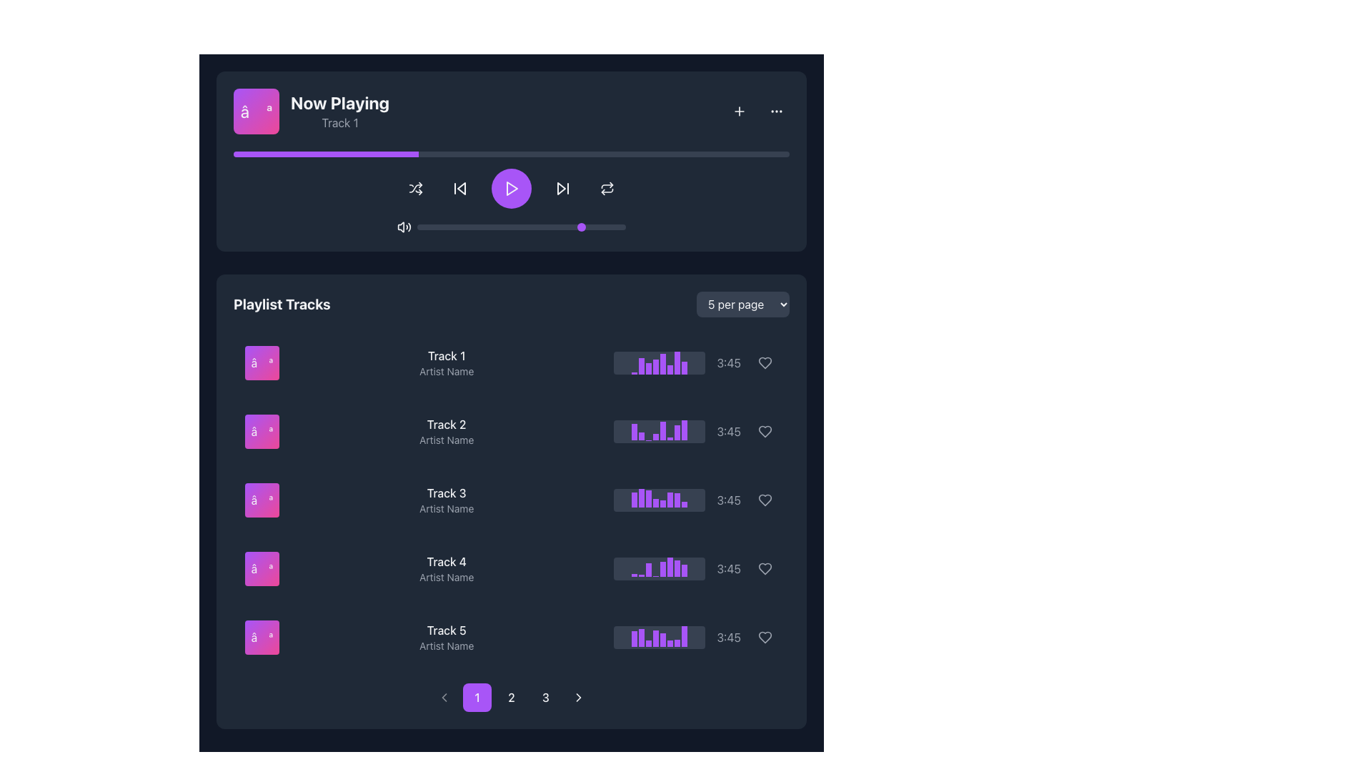 The width and height of the screenshot is (1372, 772). I want to click on the fifth button in the media player control toolbar to observe the hover effects, so click(607, 187).